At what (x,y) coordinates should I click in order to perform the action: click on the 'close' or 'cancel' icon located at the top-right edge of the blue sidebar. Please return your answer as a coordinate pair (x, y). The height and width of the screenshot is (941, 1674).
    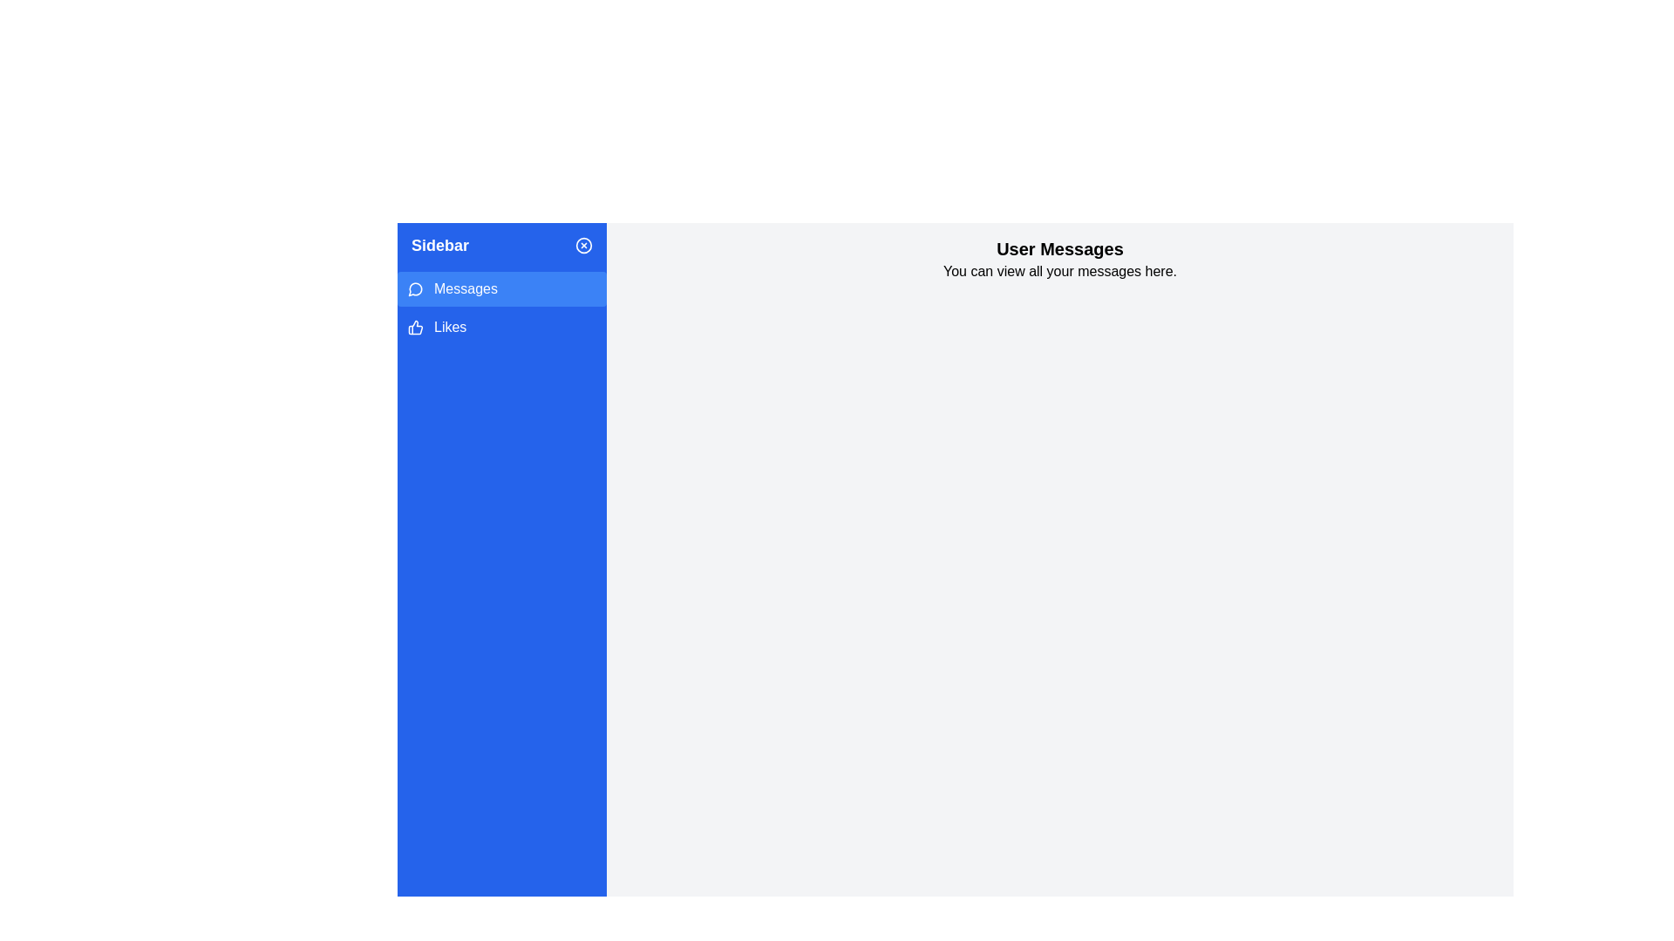
    Looking at the image, I should click on (584, 245).